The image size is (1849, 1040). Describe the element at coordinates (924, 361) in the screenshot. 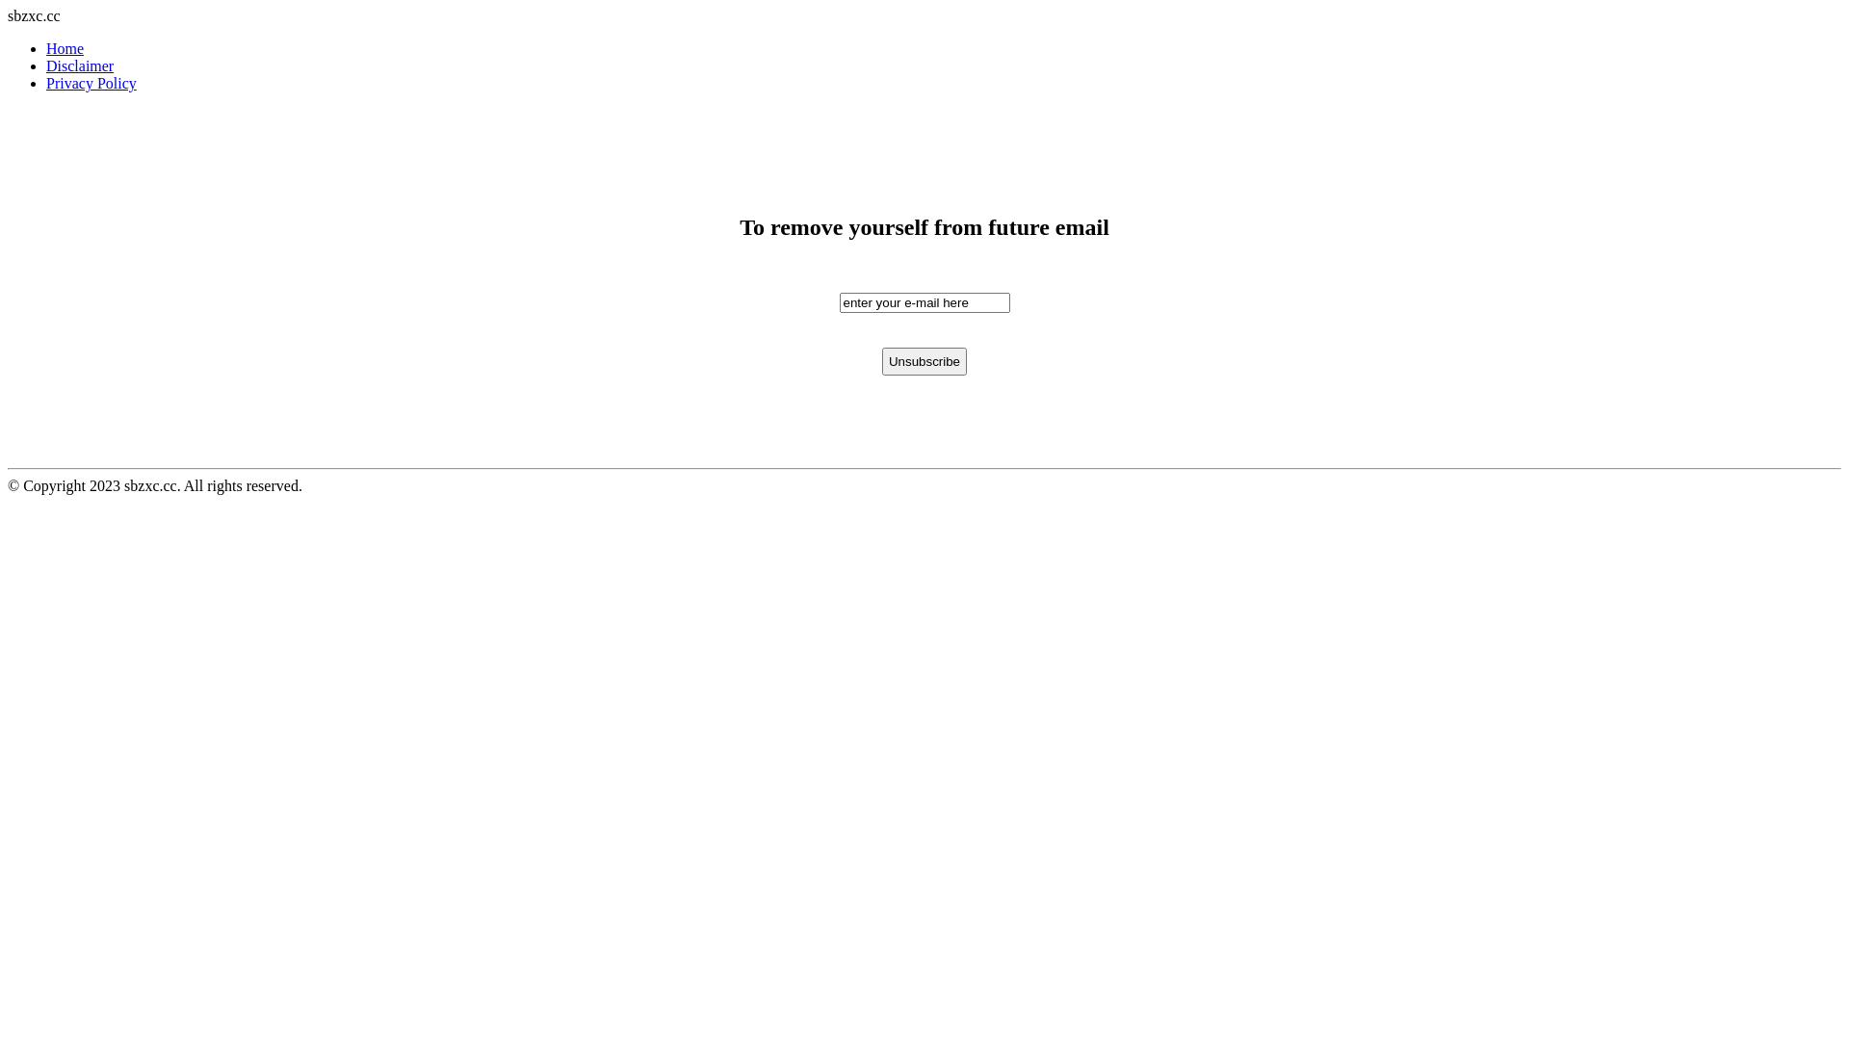

I see `'Unsubscribe'` at that location.